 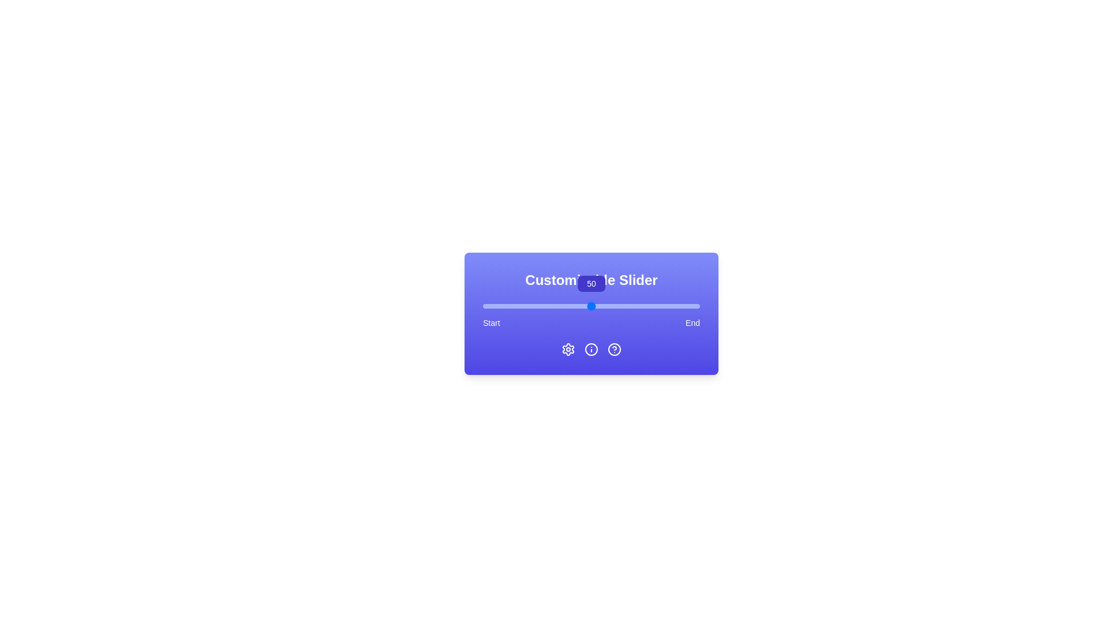 I want to click on the slider to set the value to 76, so click(x=647, y=306).